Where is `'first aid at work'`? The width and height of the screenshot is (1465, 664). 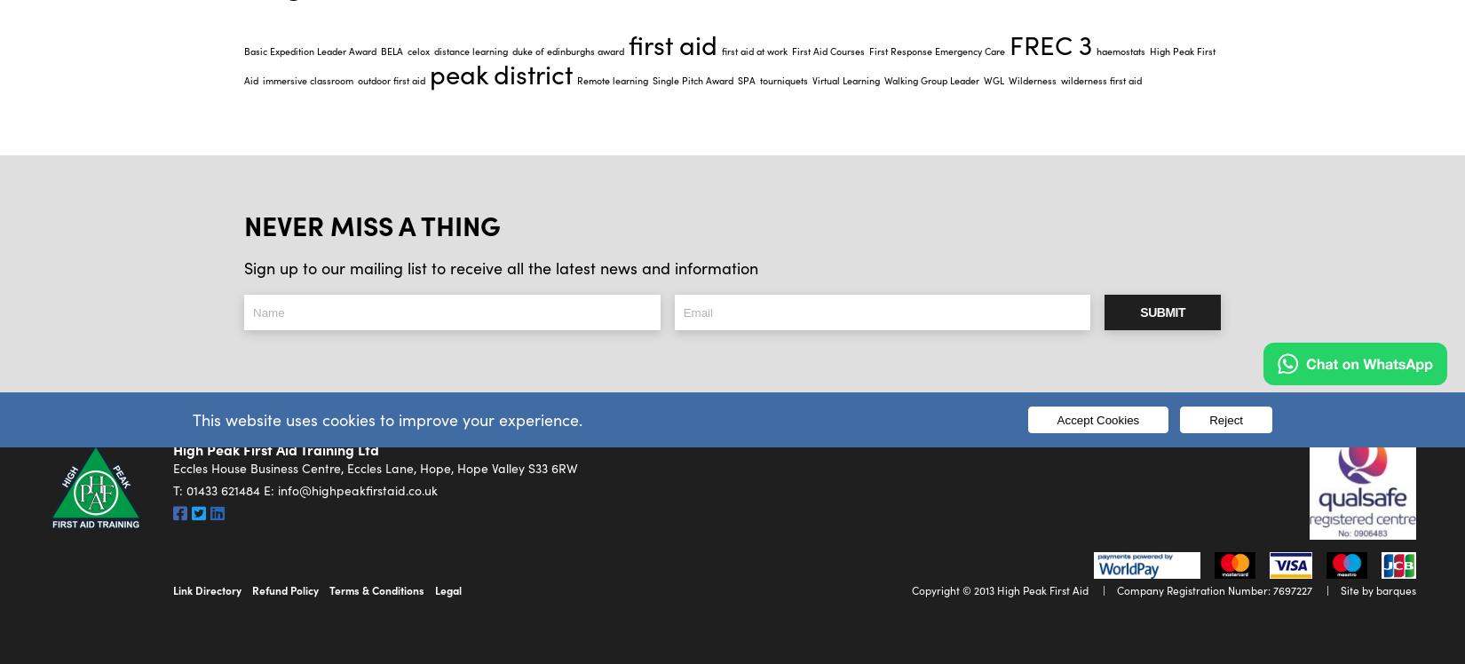 'first aid at work' is located at coordinates (755, 49).